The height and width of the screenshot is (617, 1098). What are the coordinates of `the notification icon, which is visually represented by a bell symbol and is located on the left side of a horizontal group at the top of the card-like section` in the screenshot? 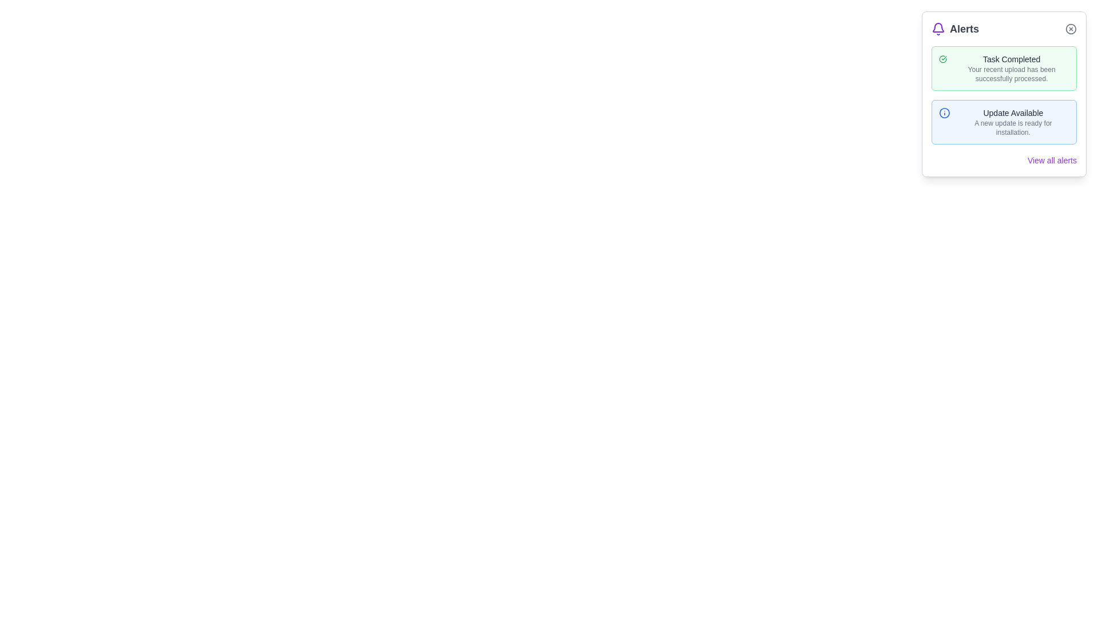 It's located at (938, 28).